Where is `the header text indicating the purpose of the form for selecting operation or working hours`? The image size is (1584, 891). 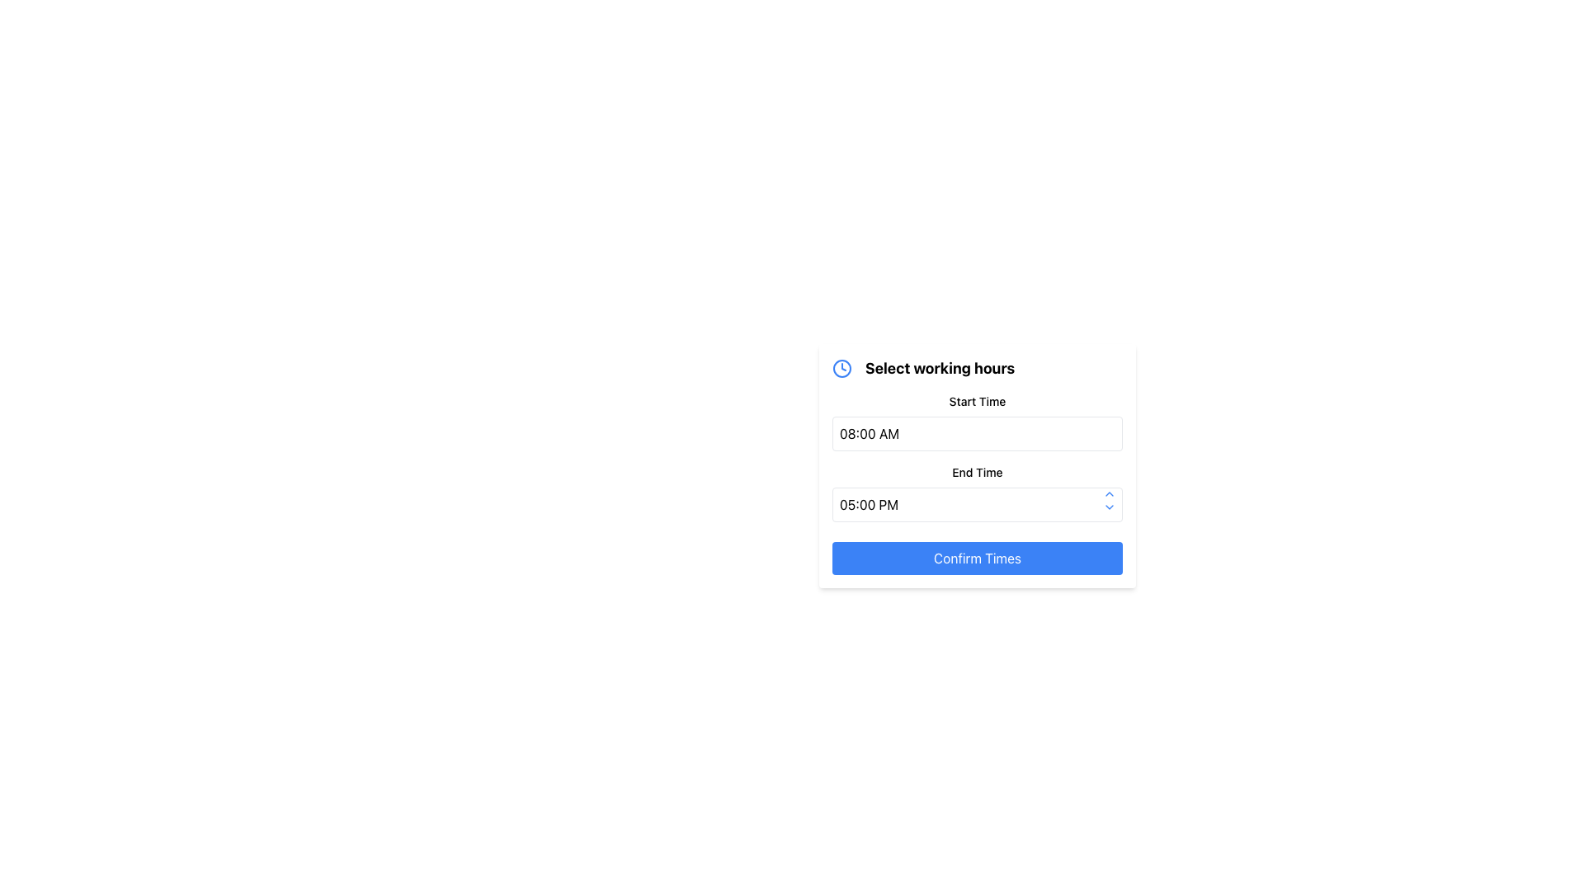
the header text indicating the purpose of the form for selecting operation or working hours is located at coordinates (940, 368).